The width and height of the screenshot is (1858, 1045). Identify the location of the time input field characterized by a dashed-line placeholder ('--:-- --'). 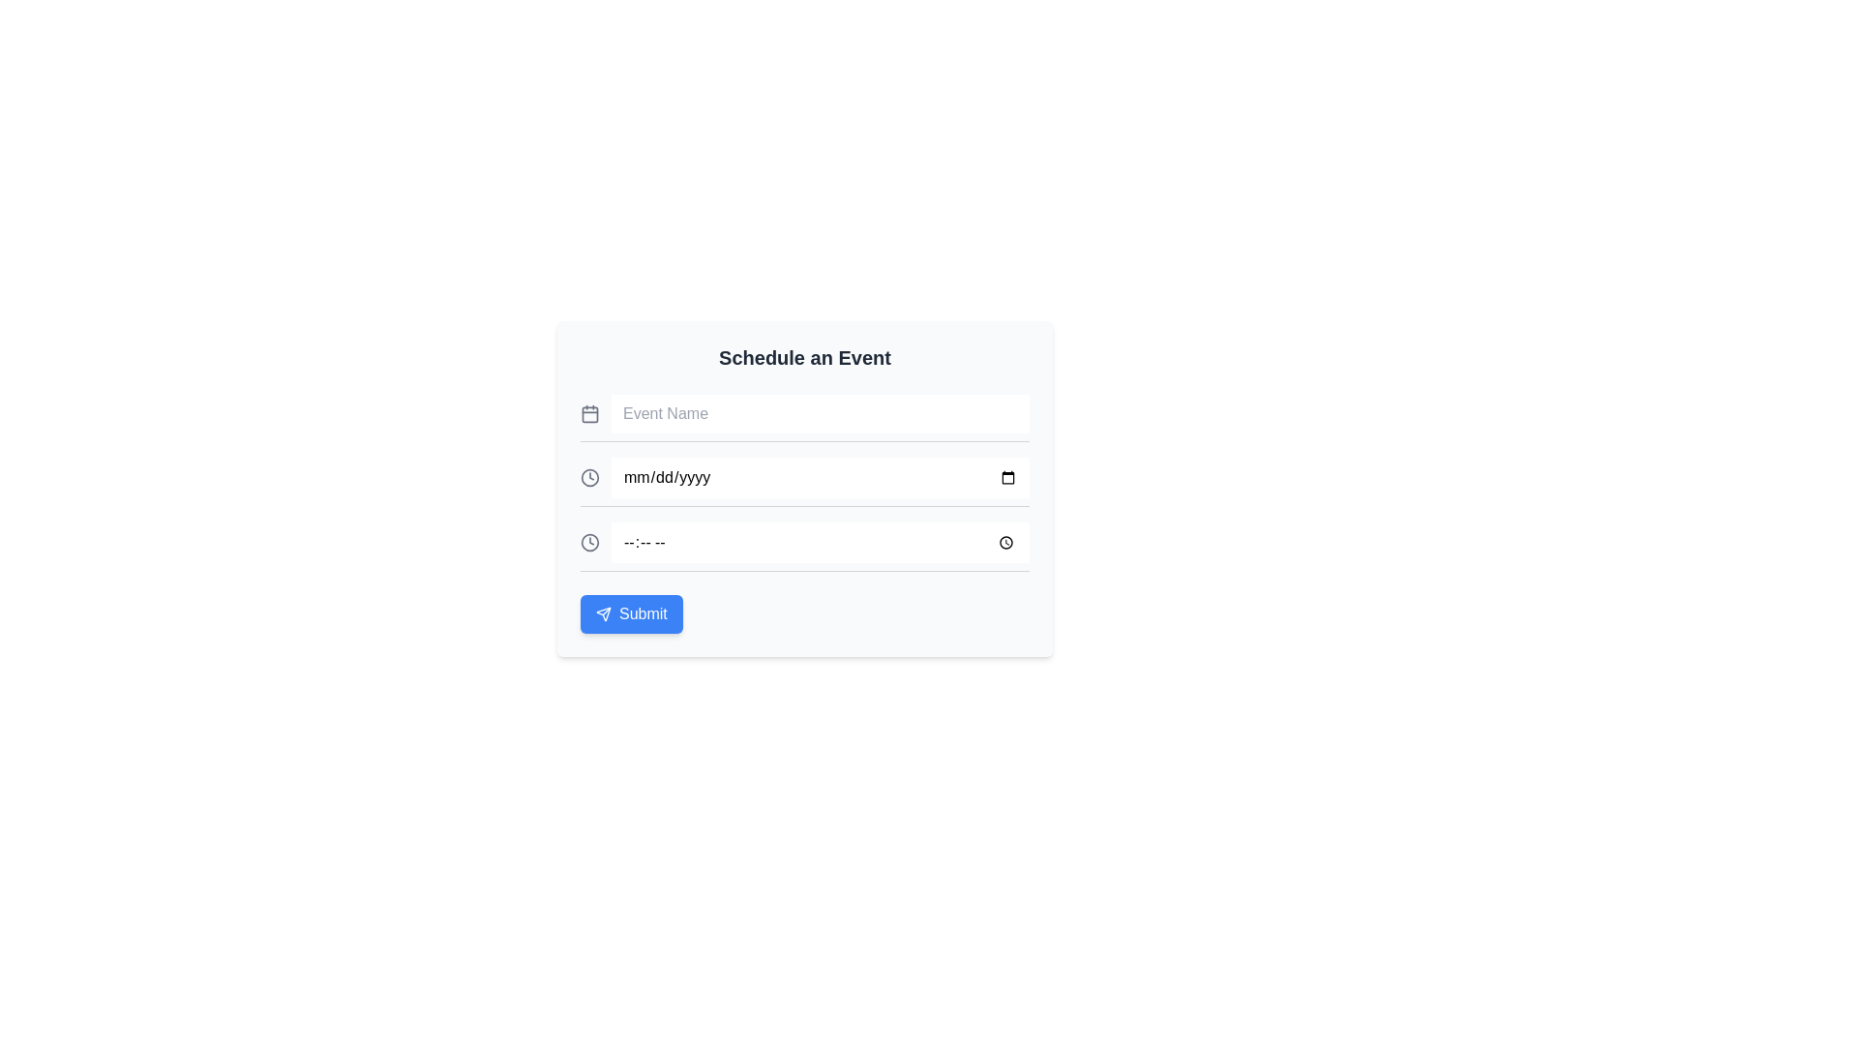
(821, 542).